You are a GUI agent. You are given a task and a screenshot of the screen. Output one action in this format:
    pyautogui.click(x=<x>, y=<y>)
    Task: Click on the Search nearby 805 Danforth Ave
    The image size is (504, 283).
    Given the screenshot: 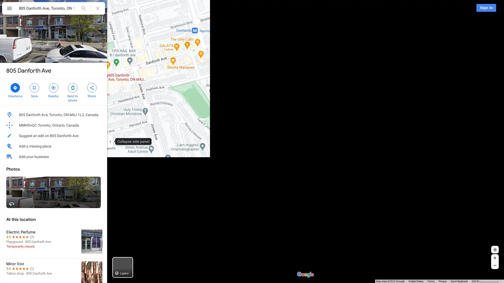 What is the action you would take?
    pyautogui.click(x=53, y=90)
    